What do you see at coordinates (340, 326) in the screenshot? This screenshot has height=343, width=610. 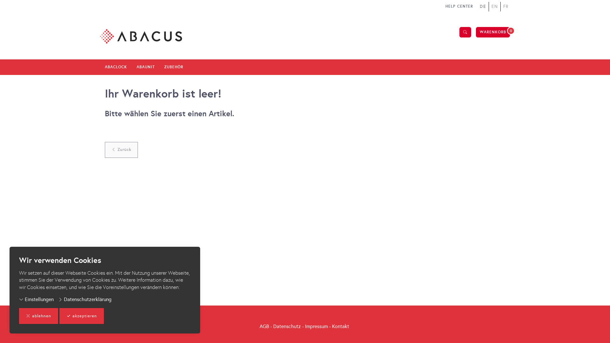 I see `'Kontakt'` at bounding box center [340, 326].